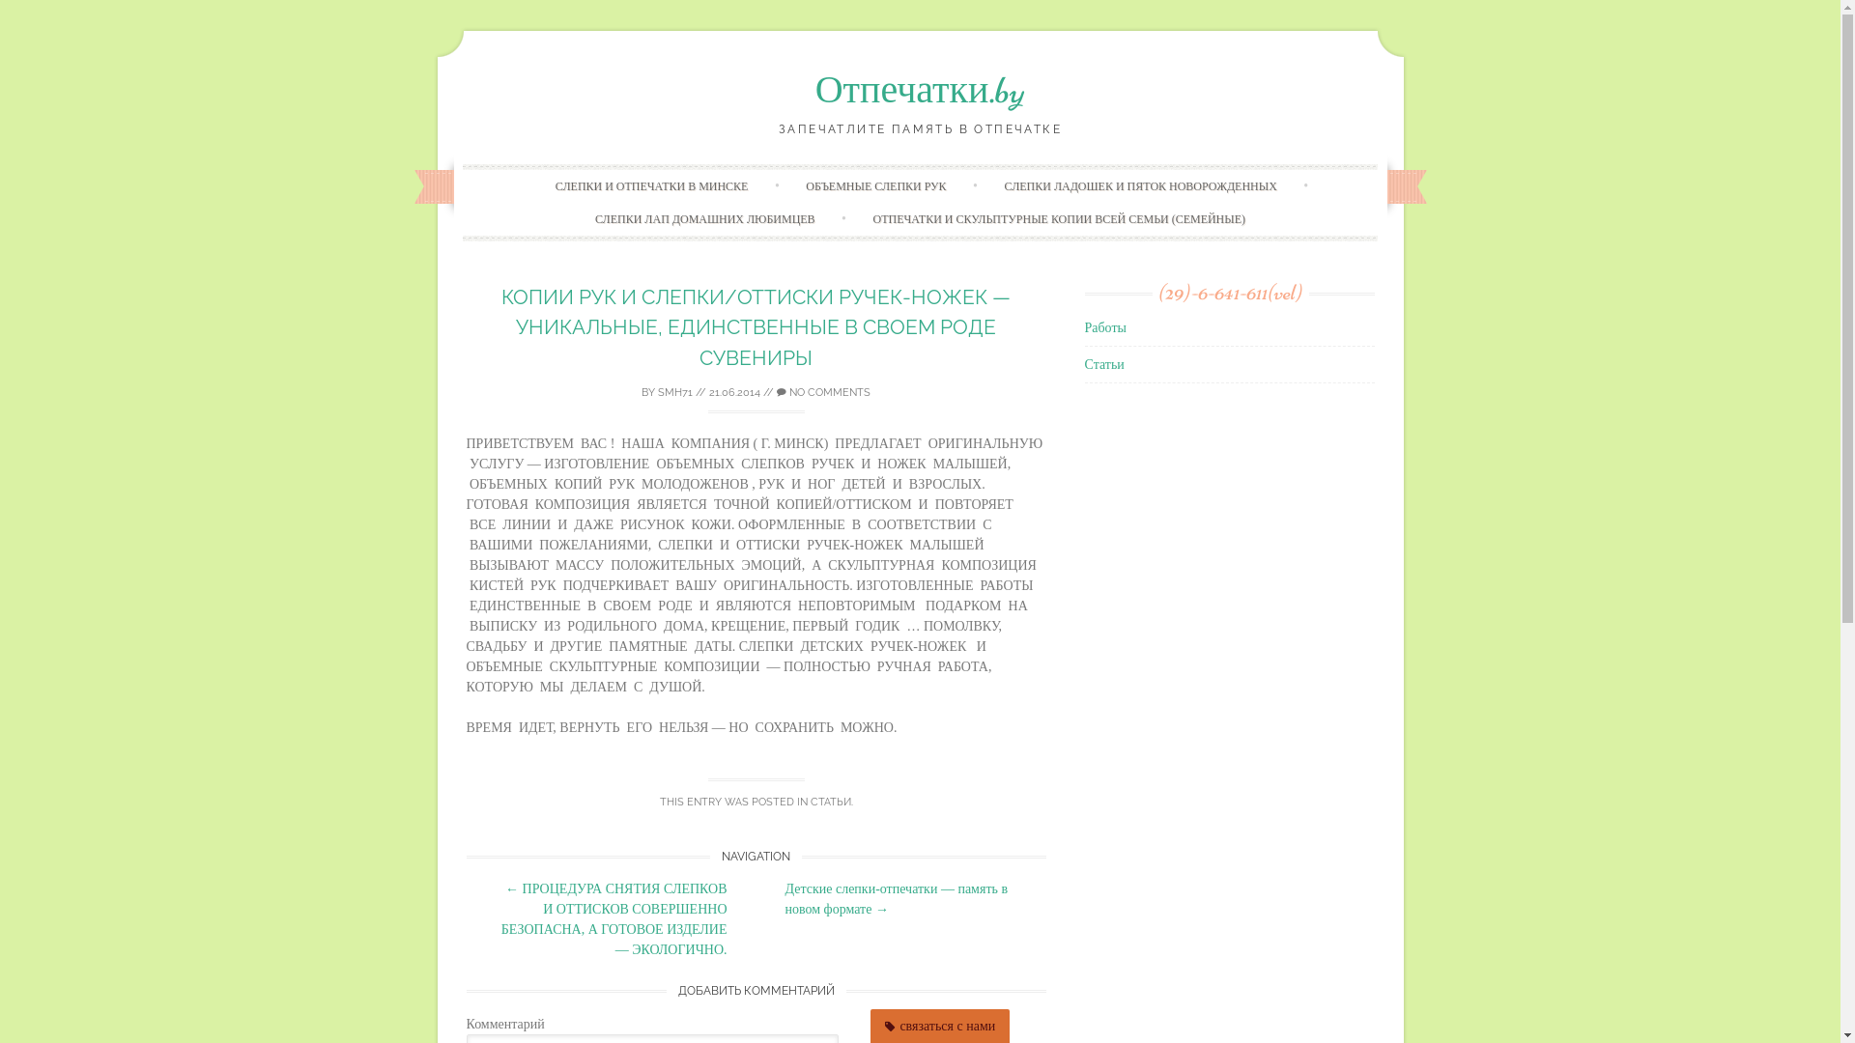 The width and height of the screenshot is (1855, 1043). I want to click on '21.06.2014', so click(733, 391).